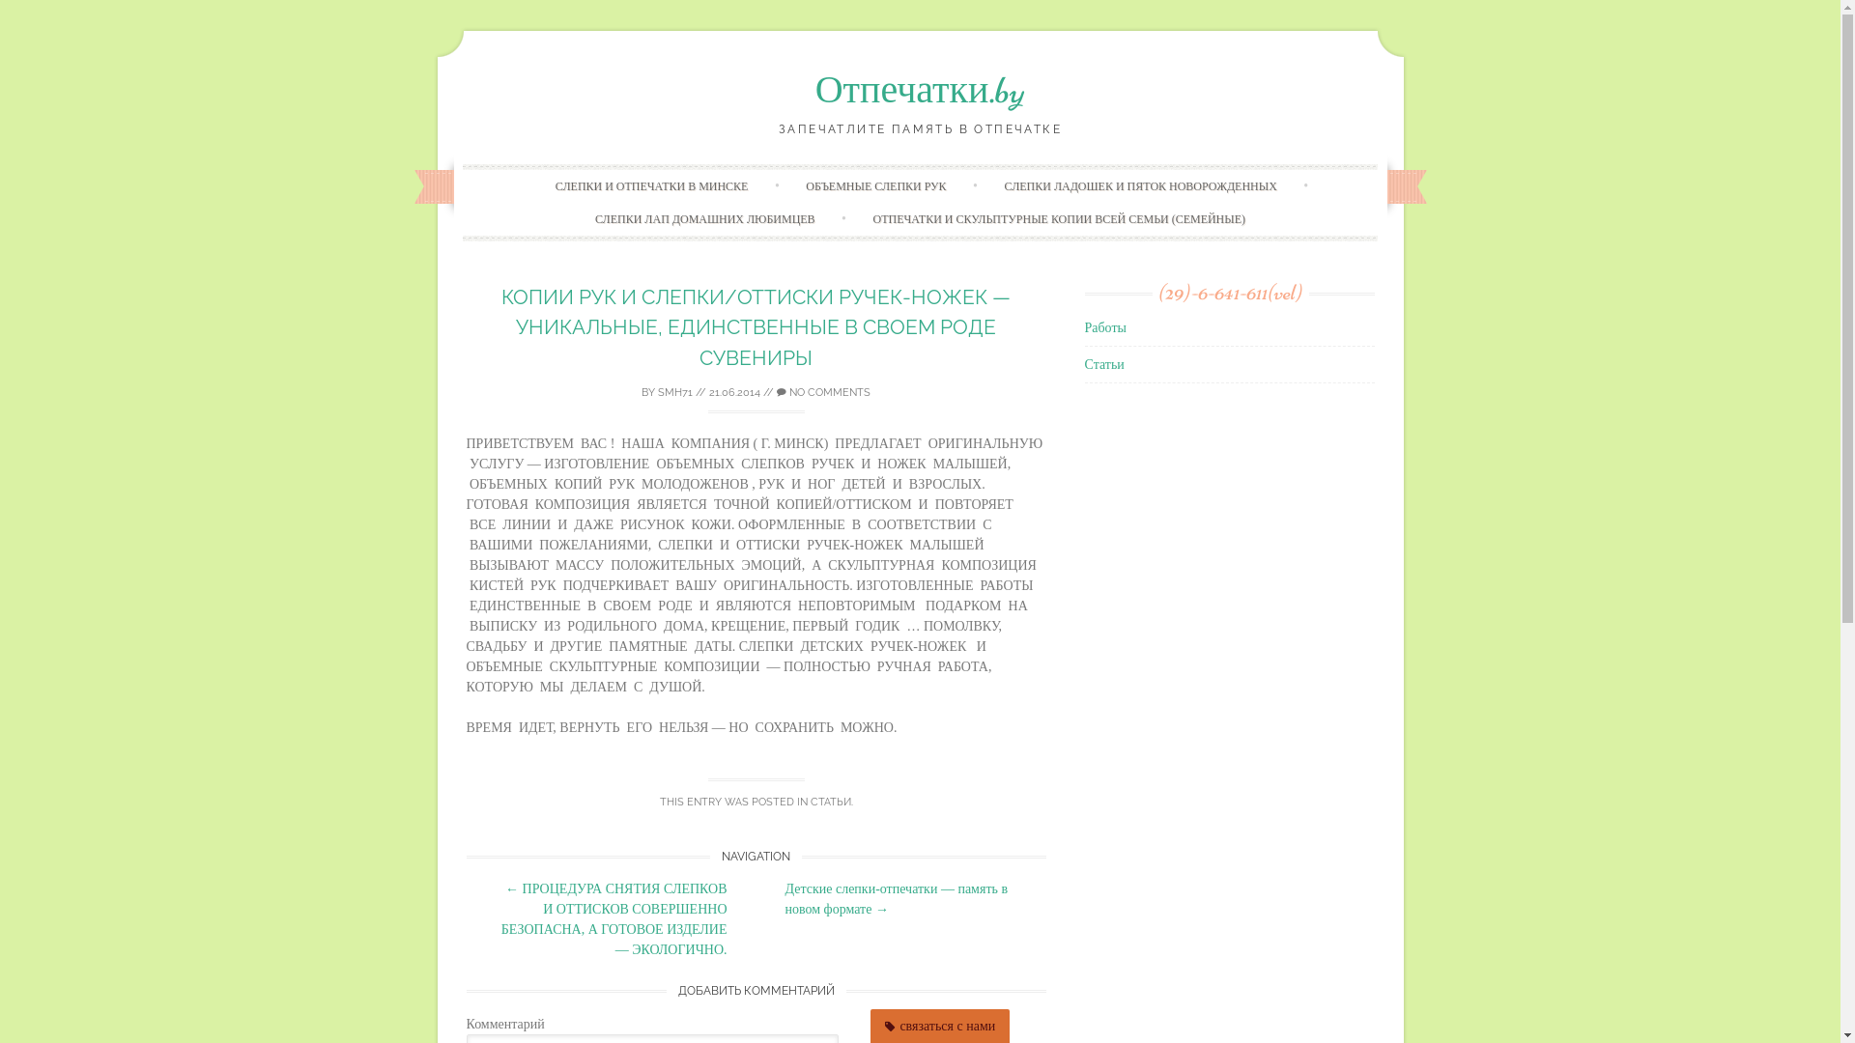 The width and height of the screenshot is (1855, 1043). I want to click on '21.06.2014', so click(733, 391).